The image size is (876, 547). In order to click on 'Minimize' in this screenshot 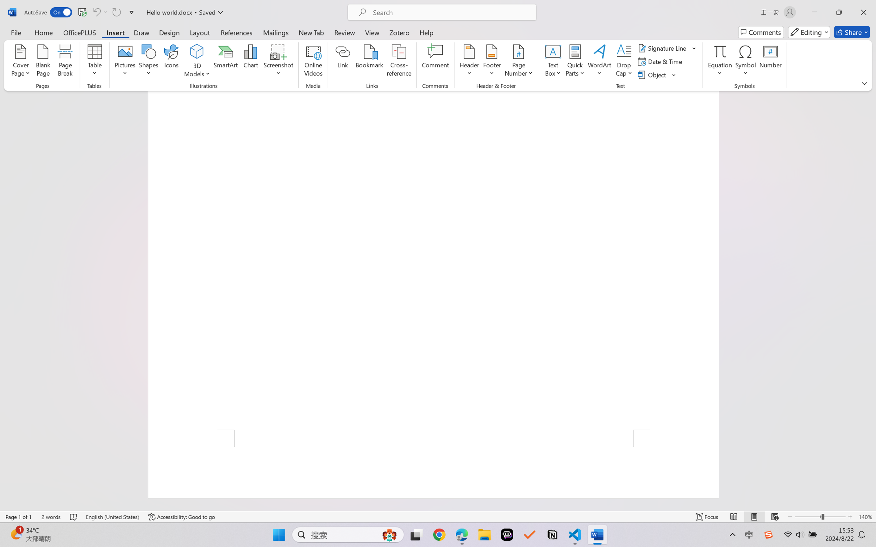, I will do `click(814, 12)`.